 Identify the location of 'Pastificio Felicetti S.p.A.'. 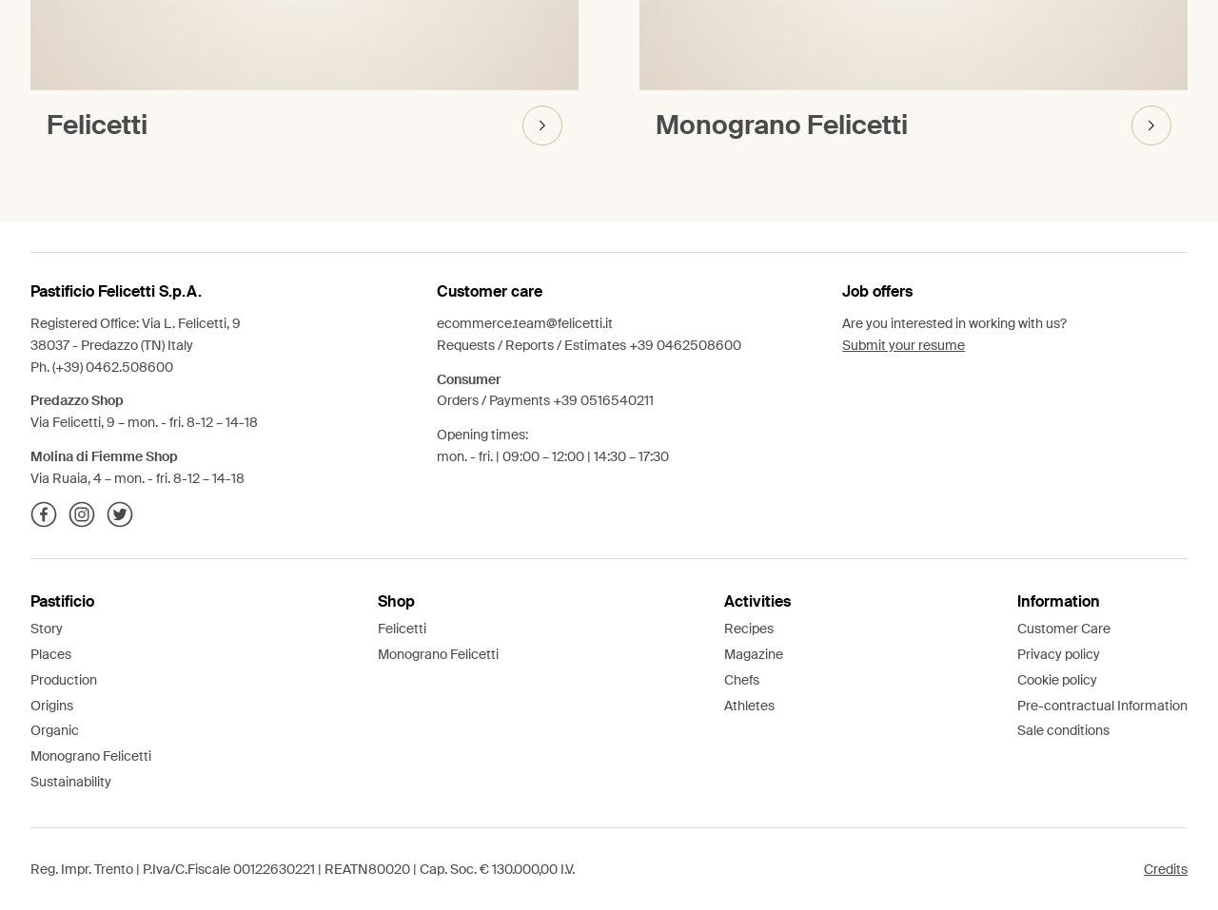
(114, 290).